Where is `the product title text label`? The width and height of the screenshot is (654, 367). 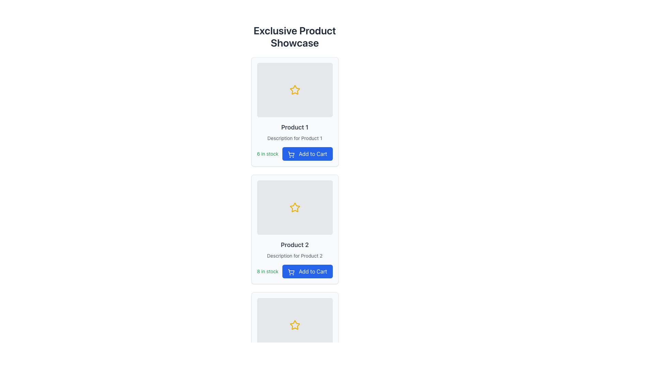
the product title text label is located at coordinates (295, 127).